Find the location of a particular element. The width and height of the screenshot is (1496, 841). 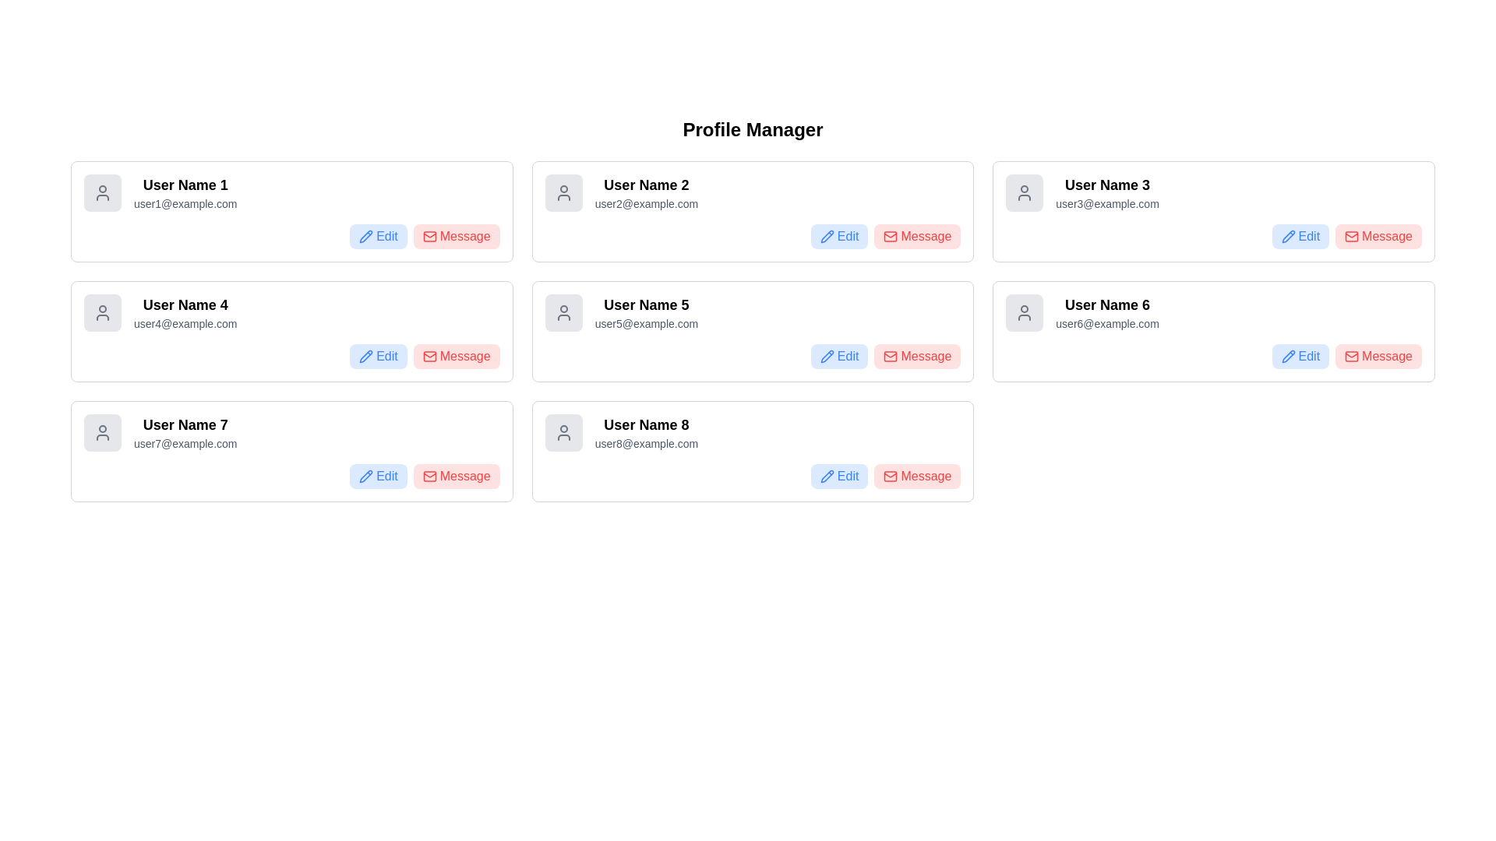

the user information card displaying the name and email address of the user, located in the middle of a 3x3 grid in the second row and second column is located at coordinates (753, 312).